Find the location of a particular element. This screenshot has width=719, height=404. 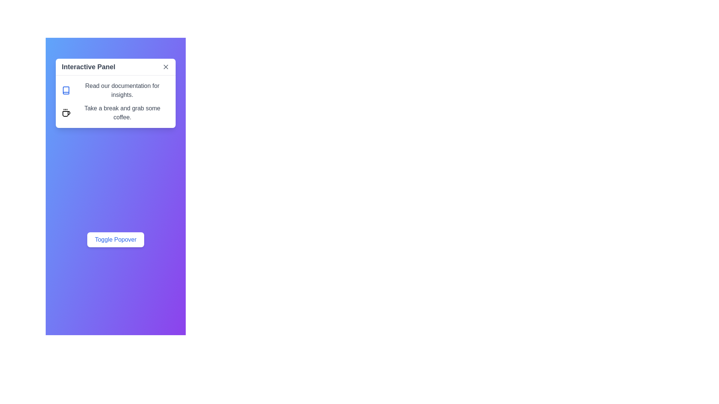

the graphical icon resembling a simplified book shape, which is dark blue in color and located next to the text 'Read our documentation for insights.' is located at coordinates (66, 90).